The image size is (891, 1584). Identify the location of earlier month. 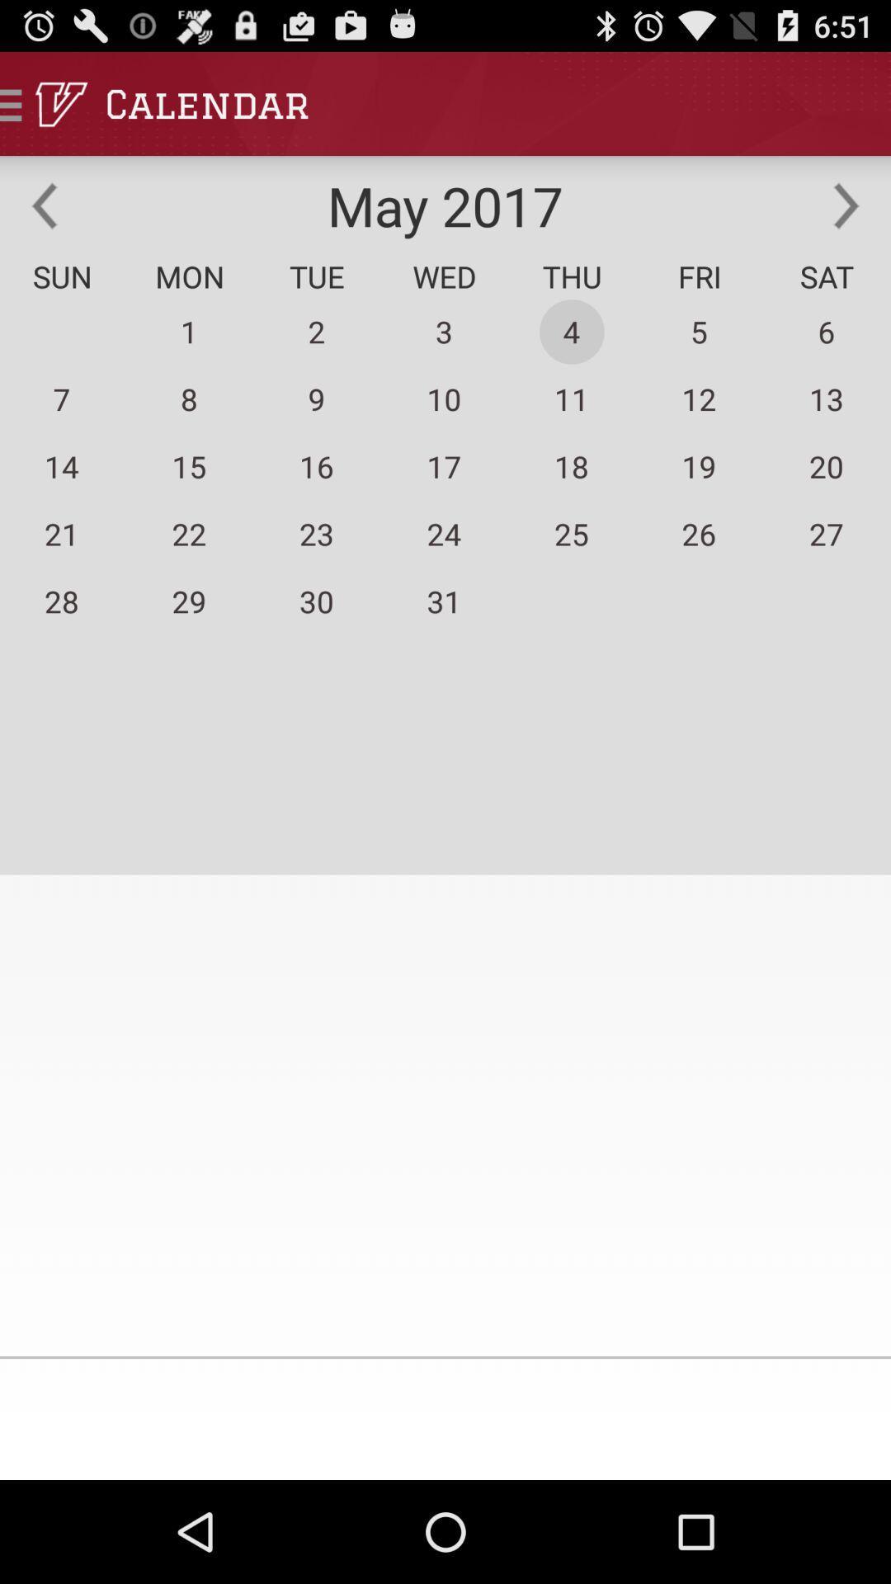
(44, 205).